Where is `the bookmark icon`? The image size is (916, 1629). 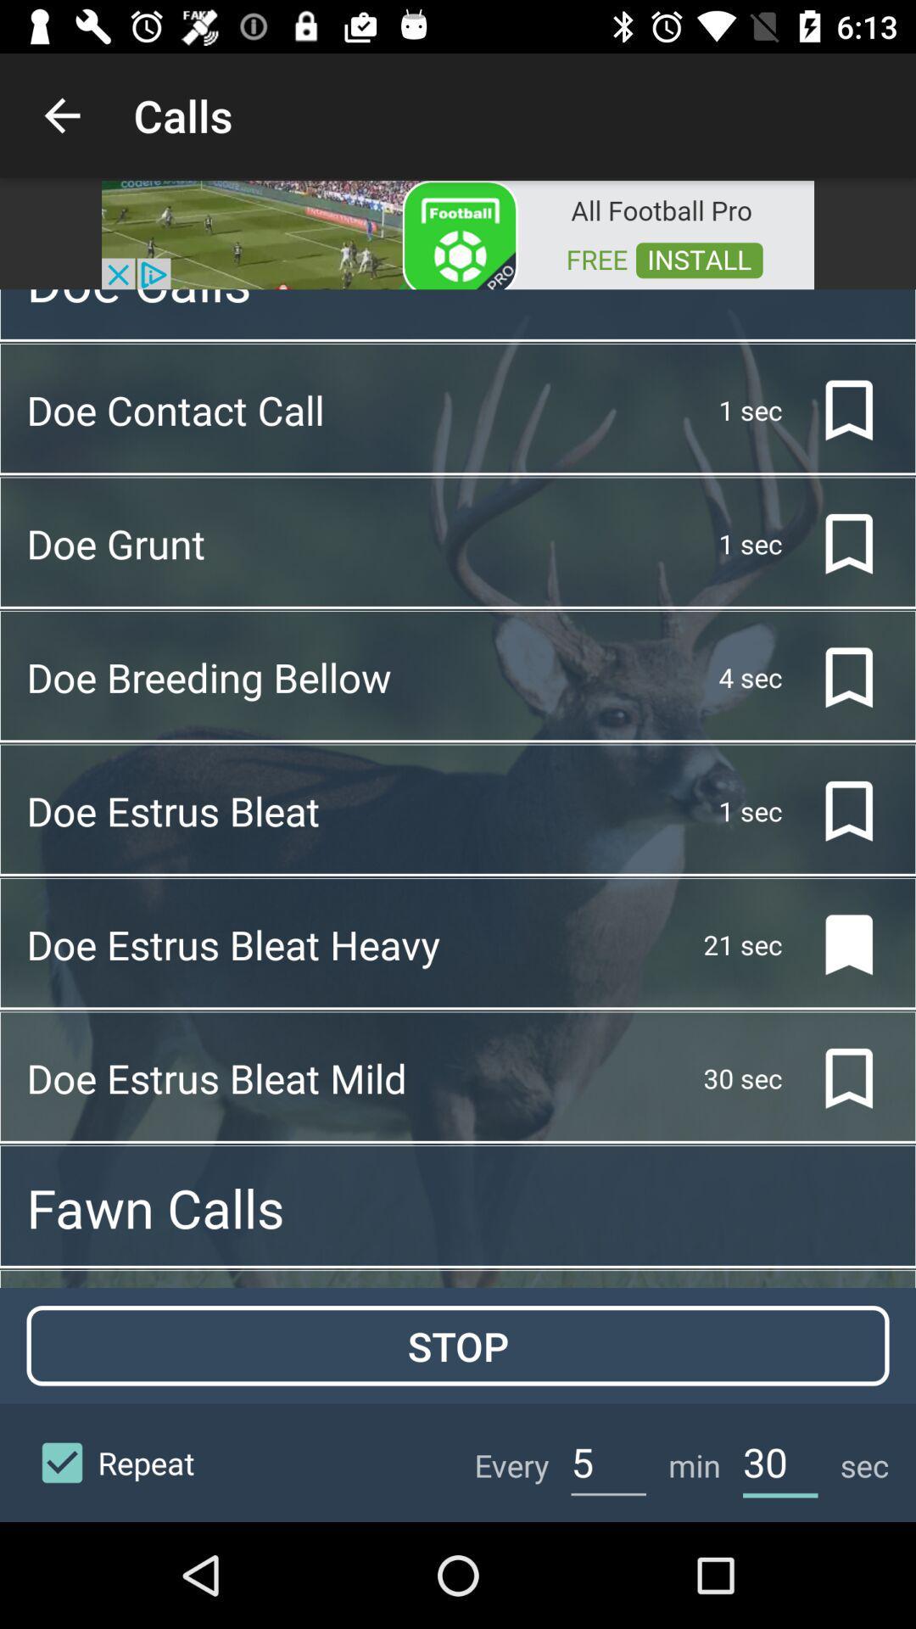
the bookmark icon is located at coordinates (835, 810).